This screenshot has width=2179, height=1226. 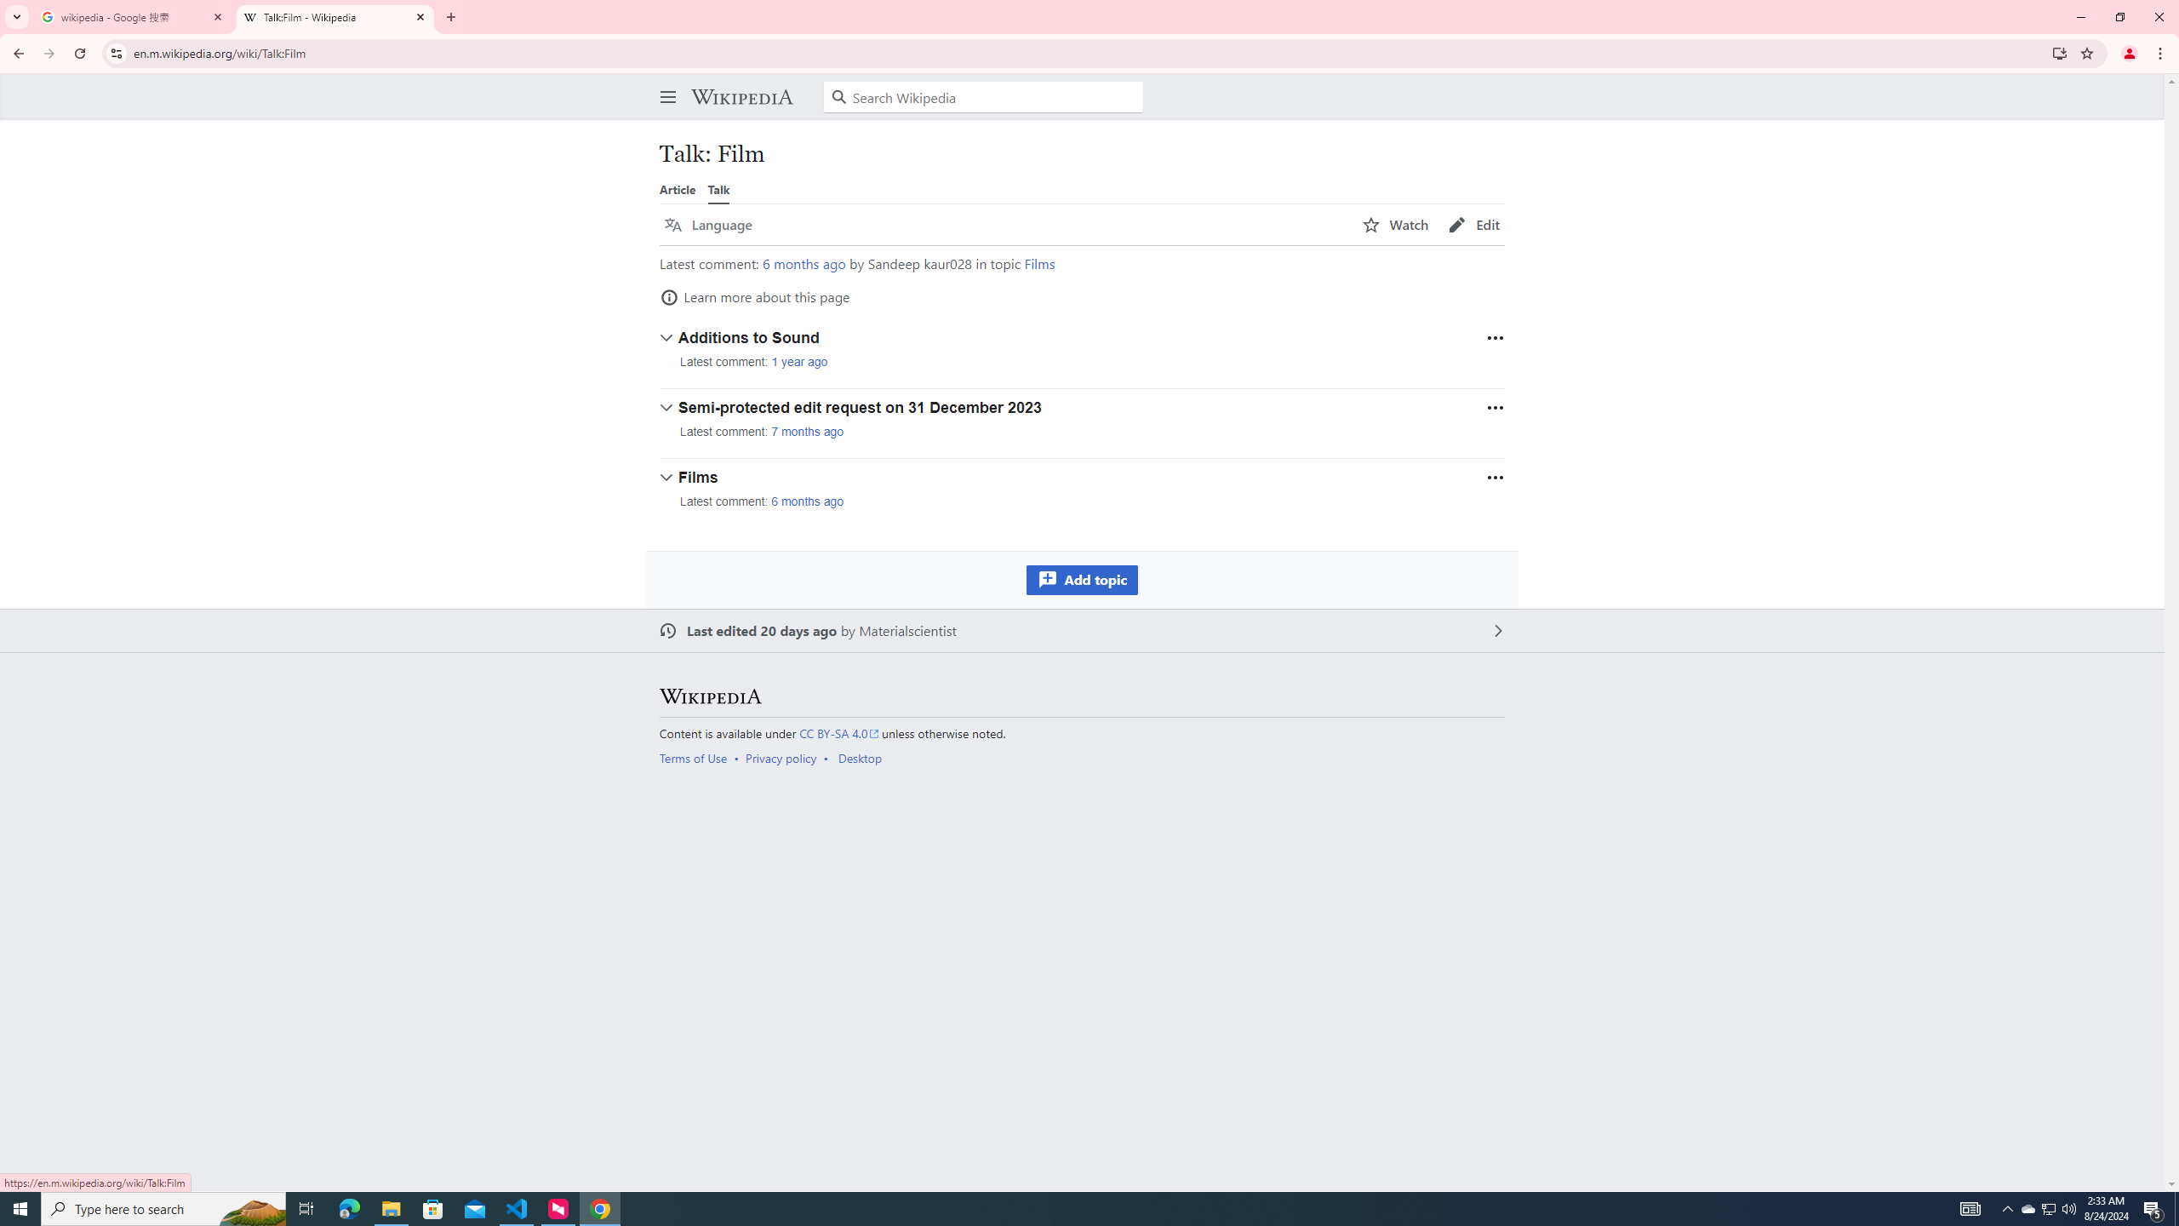 I want to click on 'Terms of Use', so click(x=693, y=756).